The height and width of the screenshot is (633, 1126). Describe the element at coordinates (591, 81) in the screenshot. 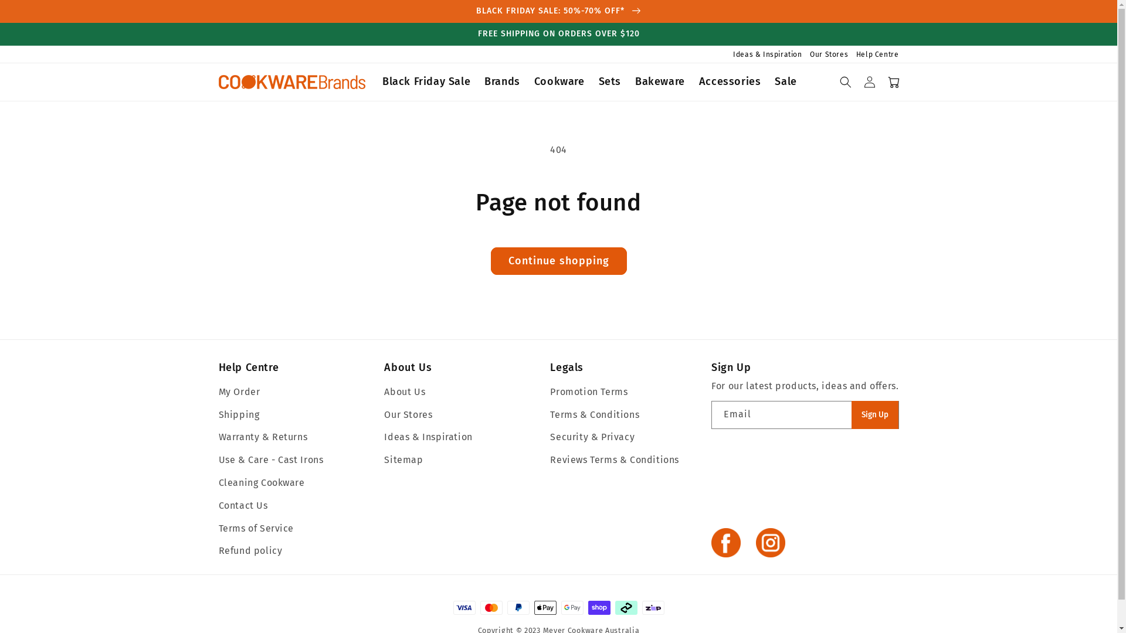

I see `'Sets'` at that location.